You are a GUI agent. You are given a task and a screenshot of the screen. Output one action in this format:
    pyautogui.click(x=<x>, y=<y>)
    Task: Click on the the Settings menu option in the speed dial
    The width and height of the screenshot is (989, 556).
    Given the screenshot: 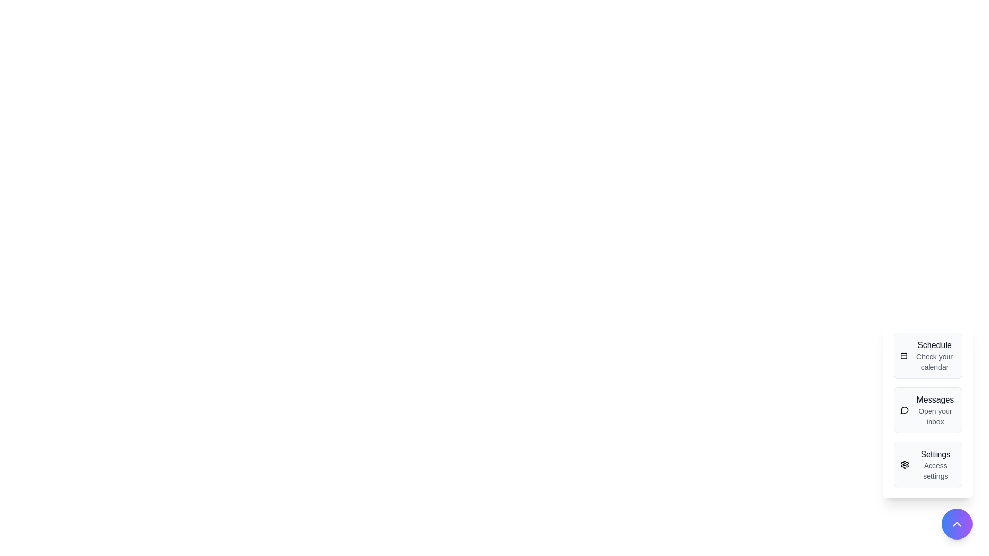 What is the action you would take?
    pyautogui.click(x=928, y=464)
    